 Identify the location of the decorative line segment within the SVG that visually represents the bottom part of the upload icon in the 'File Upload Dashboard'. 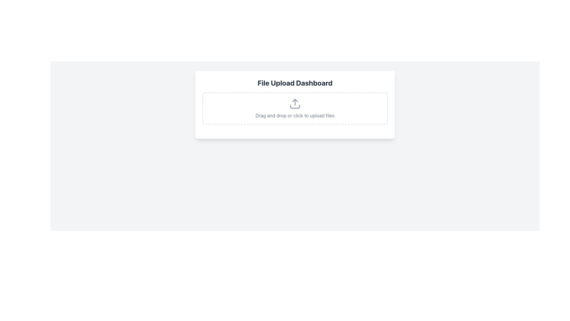
(295, 106).